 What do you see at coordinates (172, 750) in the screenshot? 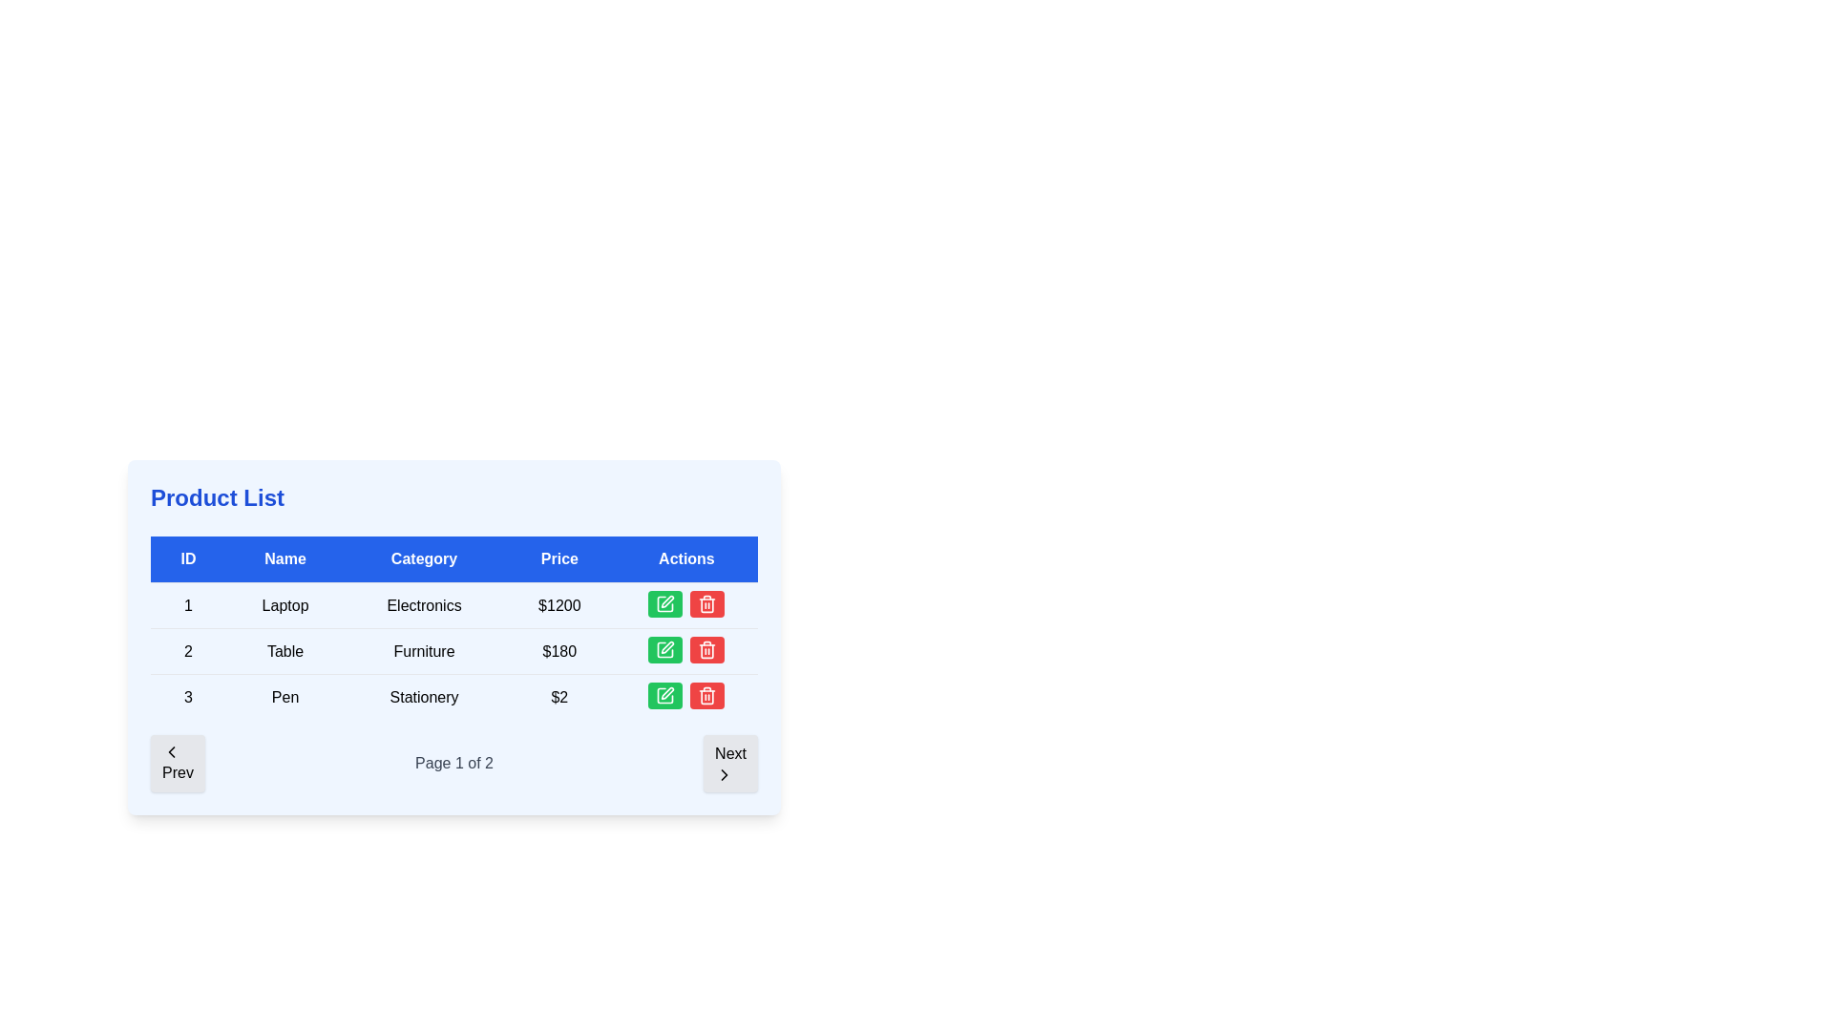
I see `the 'Prev' button icon, which visually indicates the action of navigating to a previous page in the product list interface` at bounding box center [172, 750].